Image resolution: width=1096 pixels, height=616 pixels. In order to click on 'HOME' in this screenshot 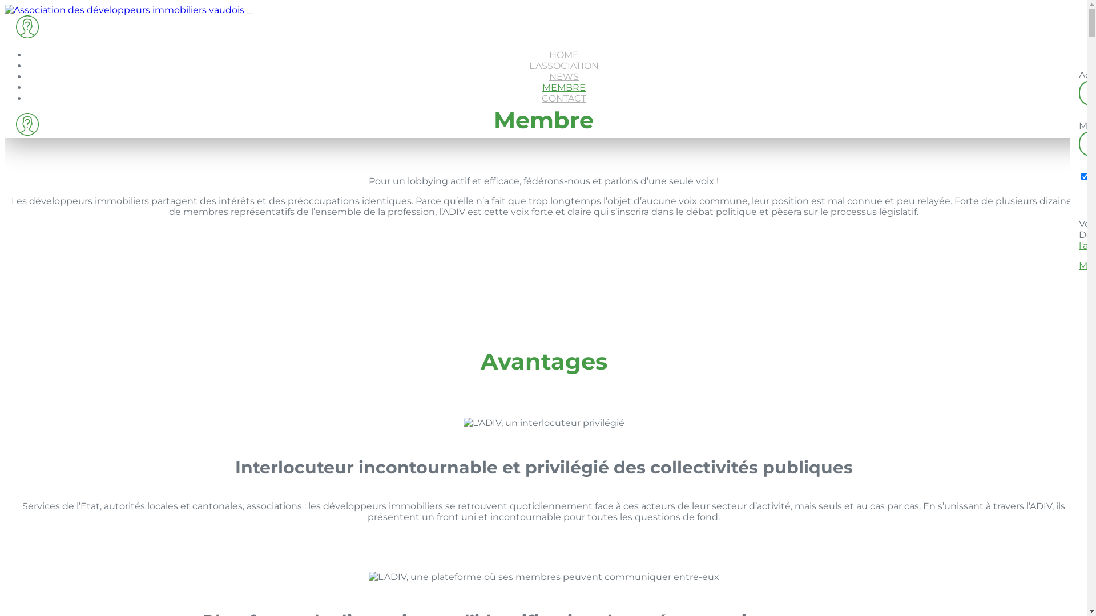, I will do `click(564, 55)`.